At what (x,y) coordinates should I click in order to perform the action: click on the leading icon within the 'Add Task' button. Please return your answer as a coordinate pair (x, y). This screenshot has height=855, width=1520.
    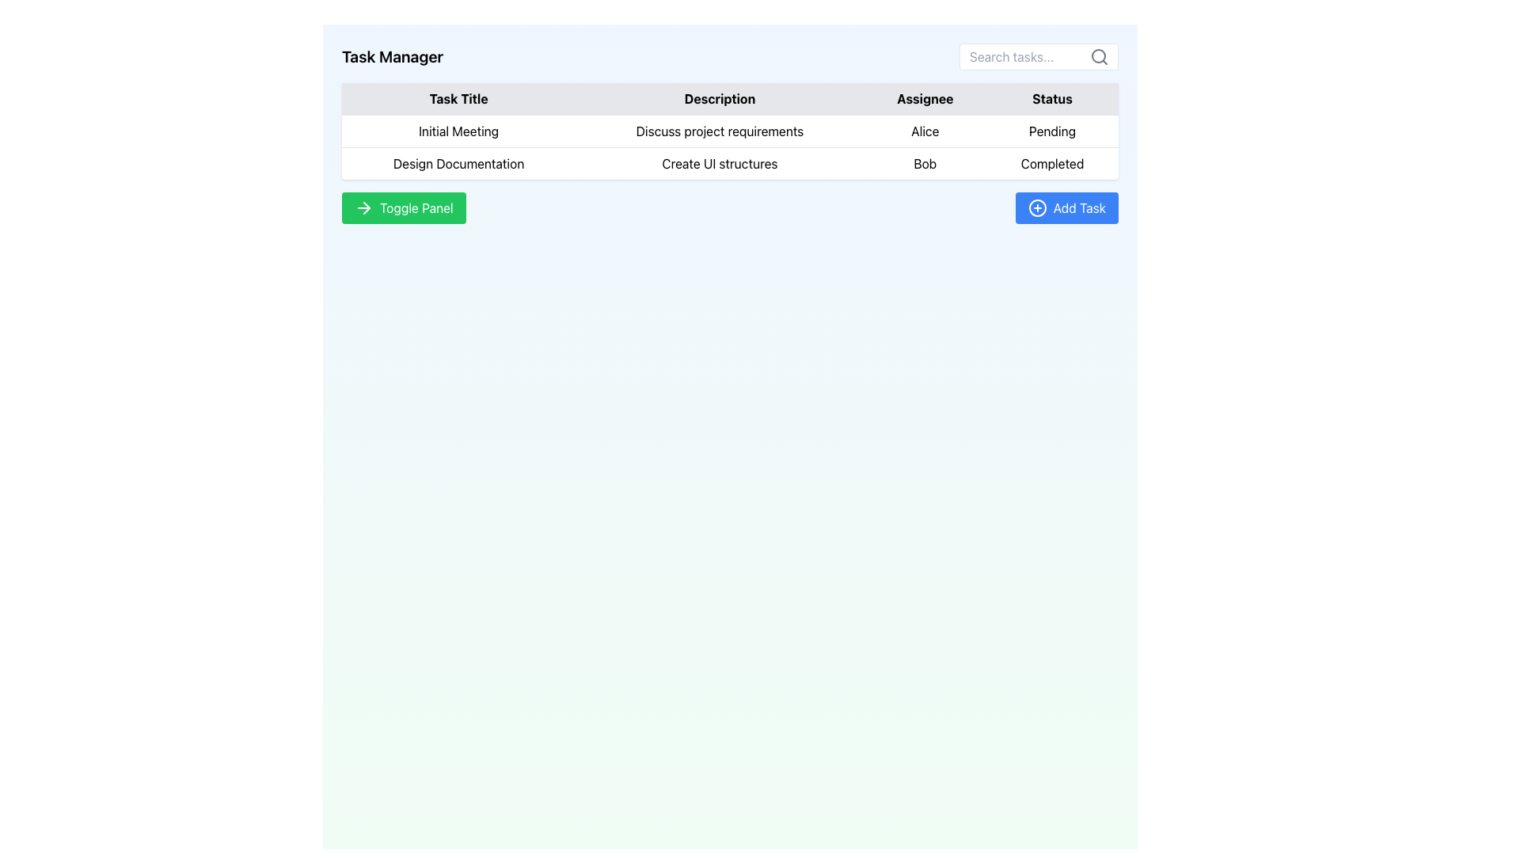
    Looking at the image, I should click on (1037, 207).